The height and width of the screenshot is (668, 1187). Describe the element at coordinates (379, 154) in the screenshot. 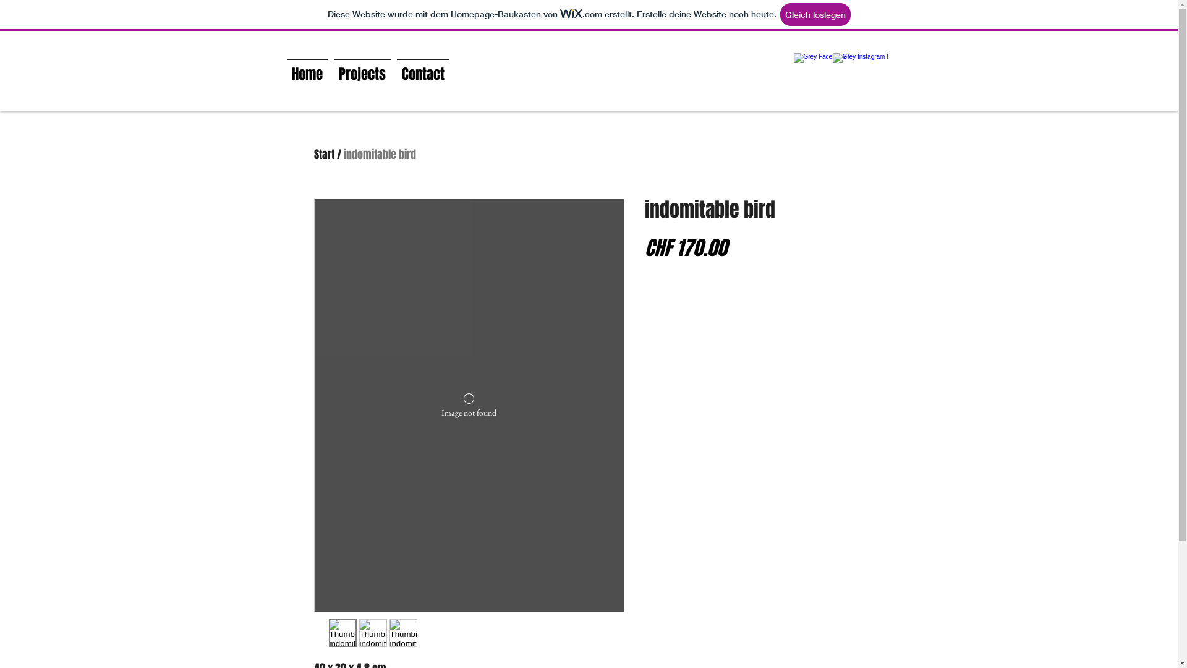

I see `'indomitable bird'` at that location.